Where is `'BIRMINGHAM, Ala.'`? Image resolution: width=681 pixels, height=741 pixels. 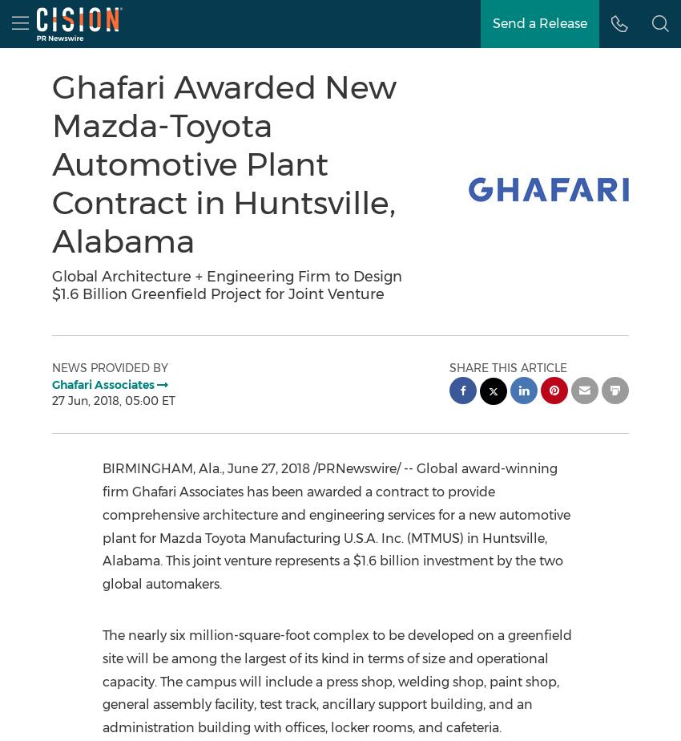
'BIRMINGHAM, Ala.' is located at coordinates (160, 468).